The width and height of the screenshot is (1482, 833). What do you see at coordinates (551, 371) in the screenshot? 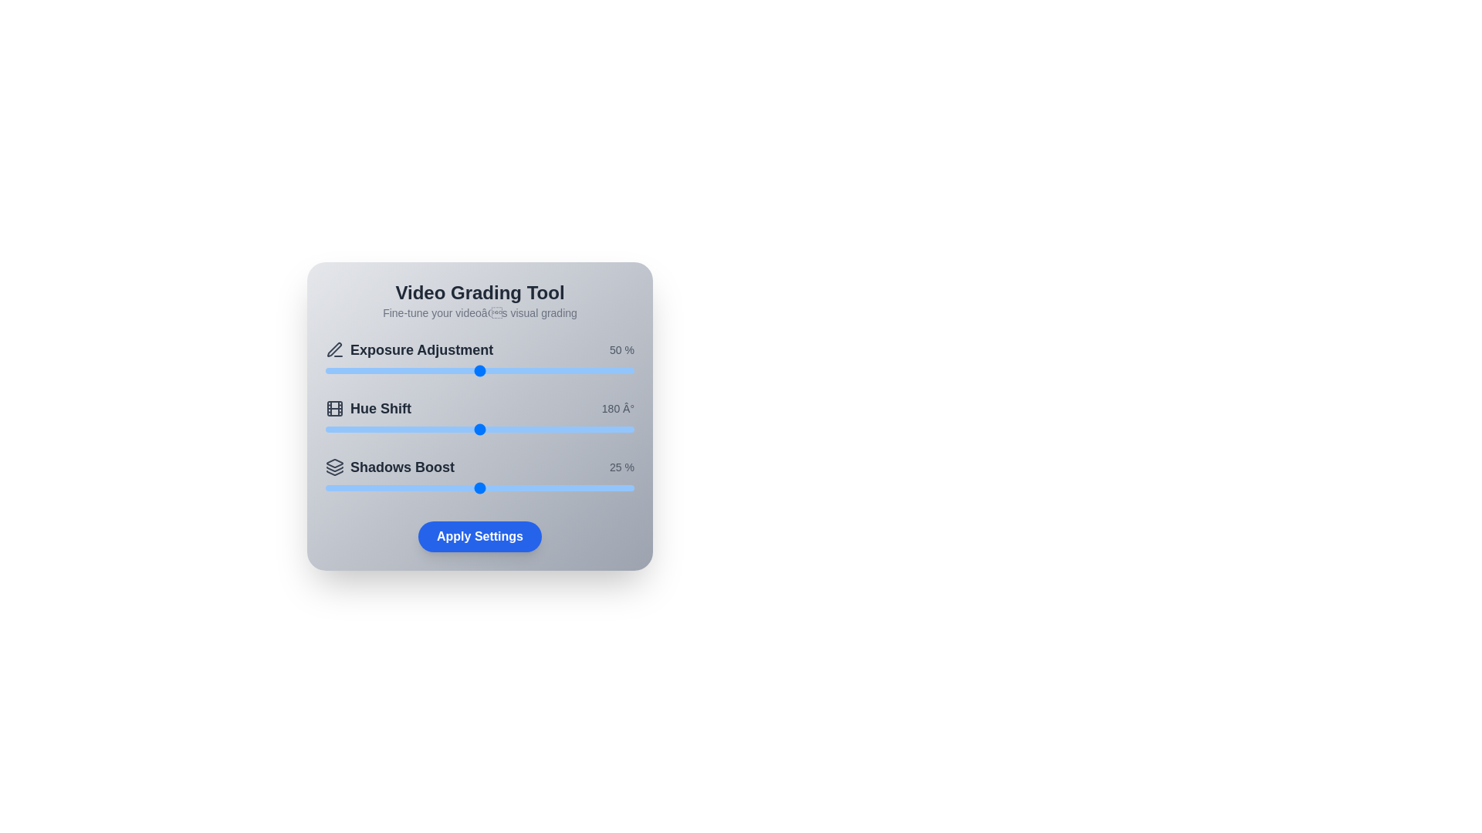
I see `the exposure adjustment` at bounding box center [551, 371].